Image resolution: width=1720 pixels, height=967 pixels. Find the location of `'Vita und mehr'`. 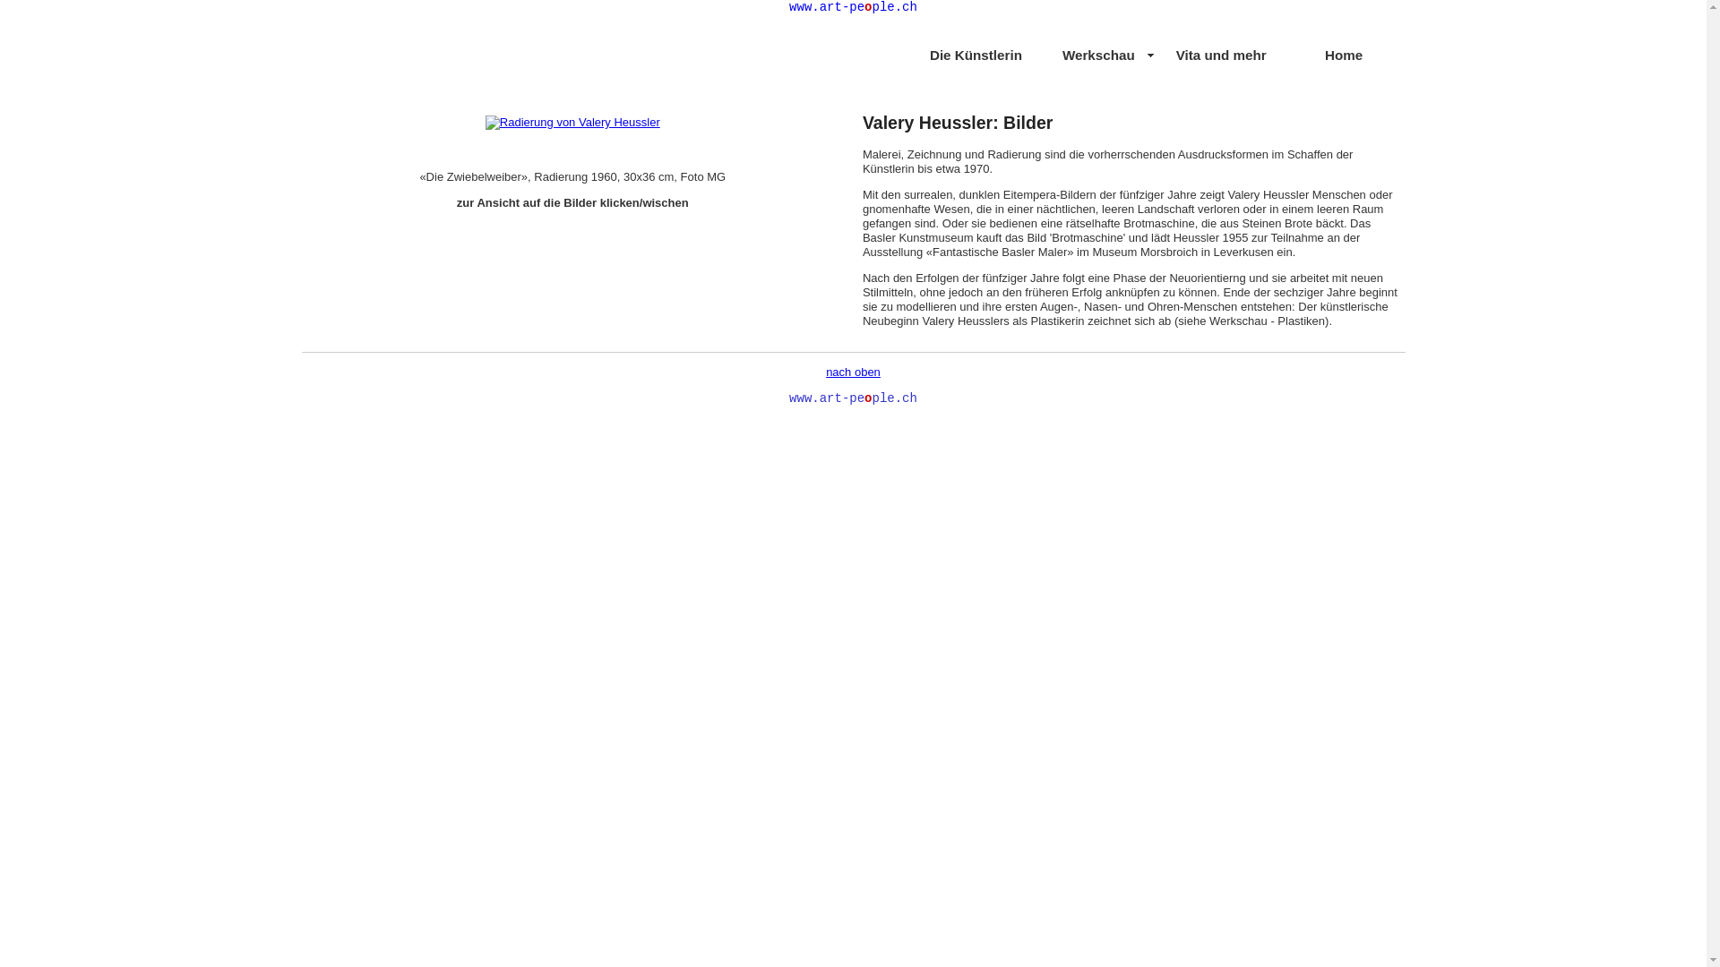

'Vita und mehr' is located at coordinates (1220, 54).